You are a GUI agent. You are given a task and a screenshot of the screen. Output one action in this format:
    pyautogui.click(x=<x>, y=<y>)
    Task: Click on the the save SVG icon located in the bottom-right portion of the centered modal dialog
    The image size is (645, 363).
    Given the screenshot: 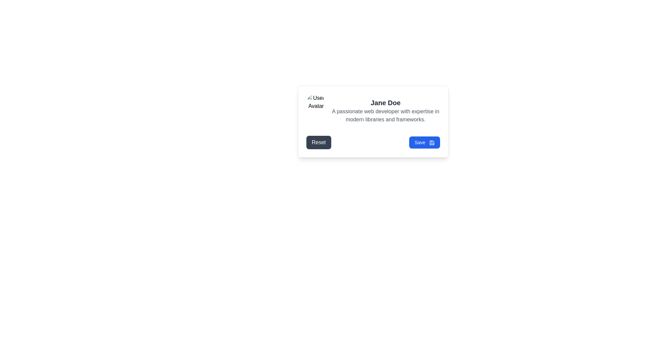 What is the action you would take?
    pyautogui.click(x=432, y=142)
    